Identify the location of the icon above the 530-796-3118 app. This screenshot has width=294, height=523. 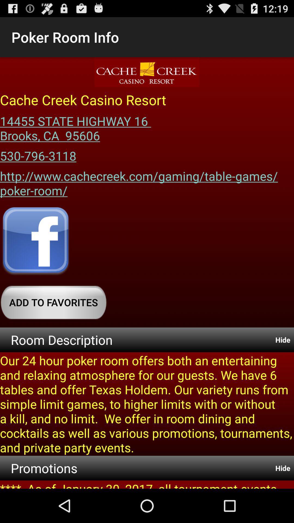
(77, 126).